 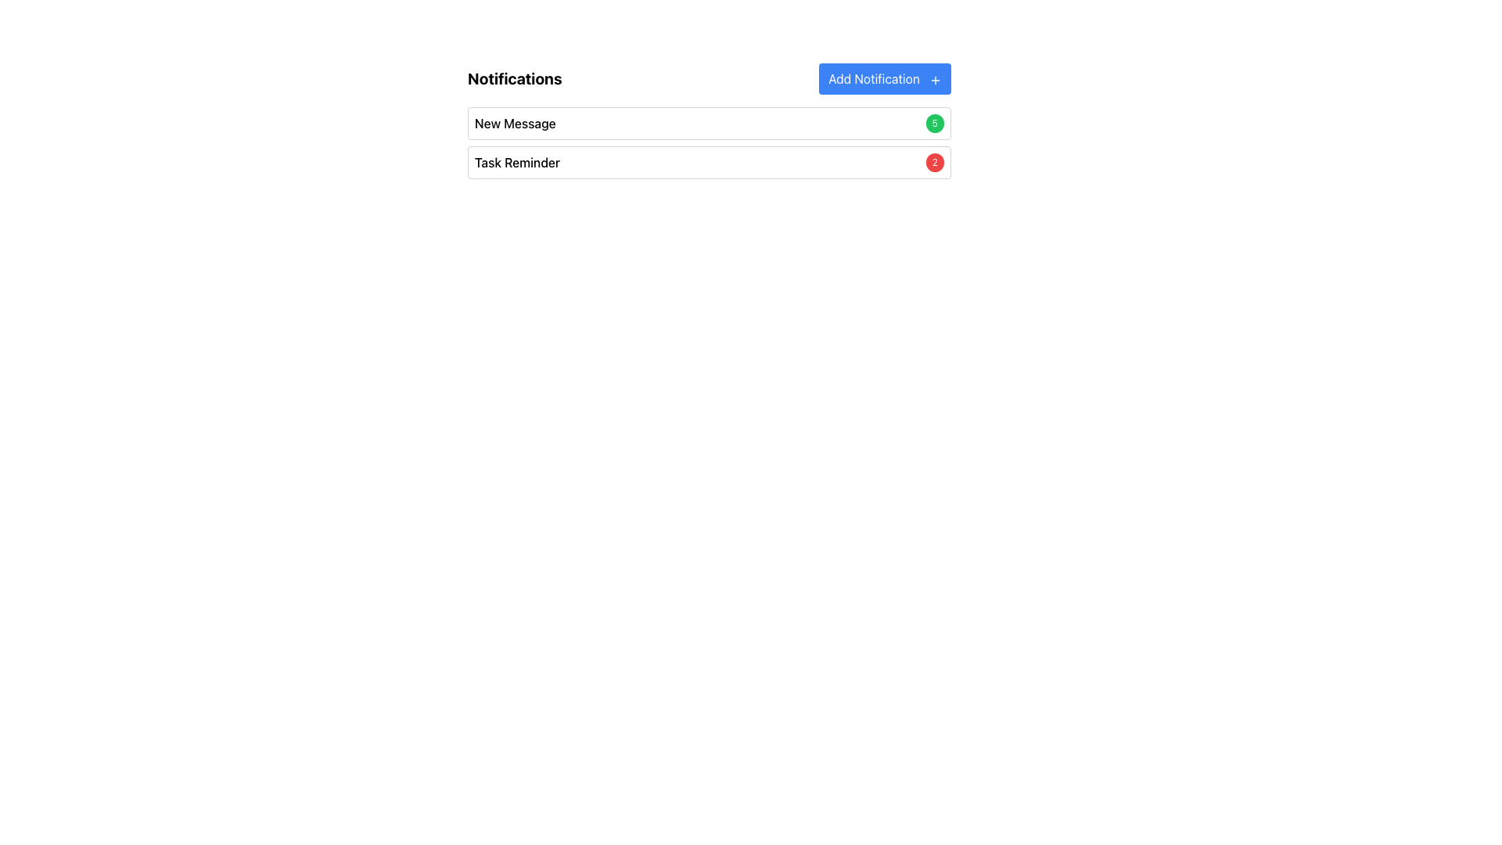 What do you see at coordinates (709, 163) in the screenshot?
I see `the second notification item in the list, which indicates a 'Task Reminder' with two pending items` at bounding box center [709, 163].